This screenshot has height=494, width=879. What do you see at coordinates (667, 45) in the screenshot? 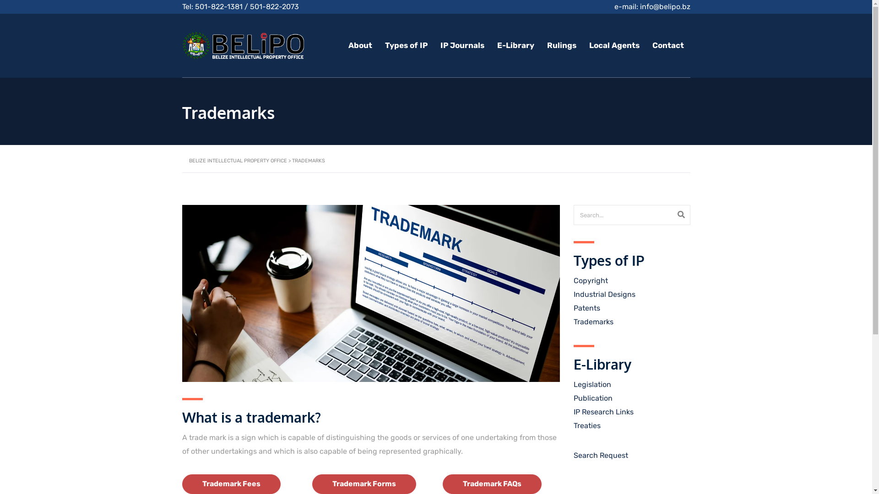
I see `'Contact'` at bounding box center [667, 45].